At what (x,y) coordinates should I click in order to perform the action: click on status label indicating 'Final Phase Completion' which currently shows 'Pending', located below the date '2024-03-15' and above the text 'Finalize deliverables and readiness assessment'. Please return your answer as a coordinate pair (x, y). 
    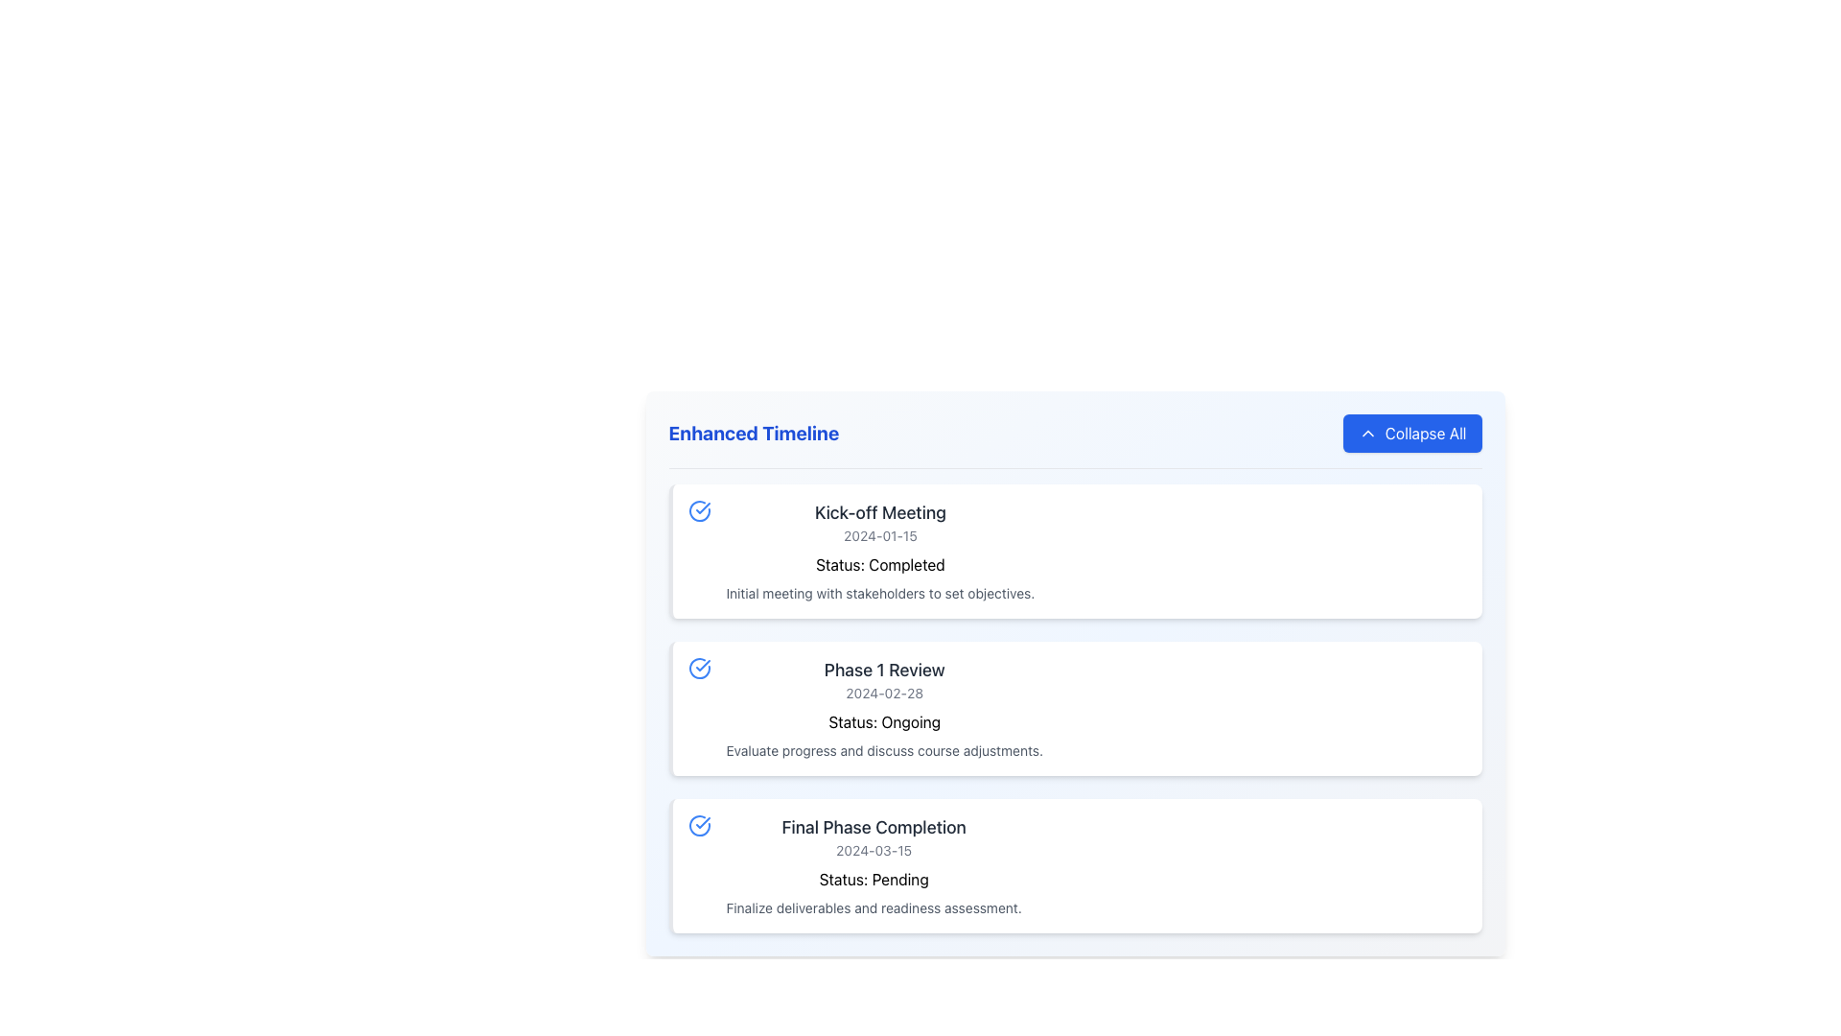
    Looking at the image, I should click on (873, 876).